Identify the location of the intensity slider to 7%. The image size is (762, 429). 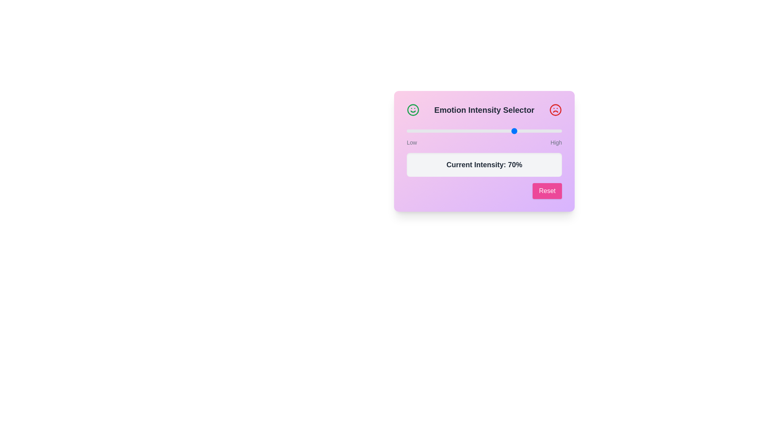
(417, 131).